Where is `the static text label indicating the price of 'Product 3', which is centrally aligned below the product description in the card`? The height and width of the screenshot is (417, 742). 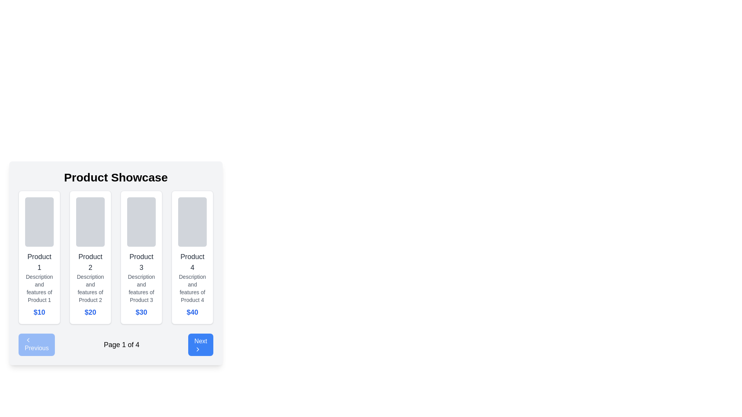 the static text label indicating the price of 'Product 3', which is centrally aligned below the product description in the card is located at coordinates (141, 312).